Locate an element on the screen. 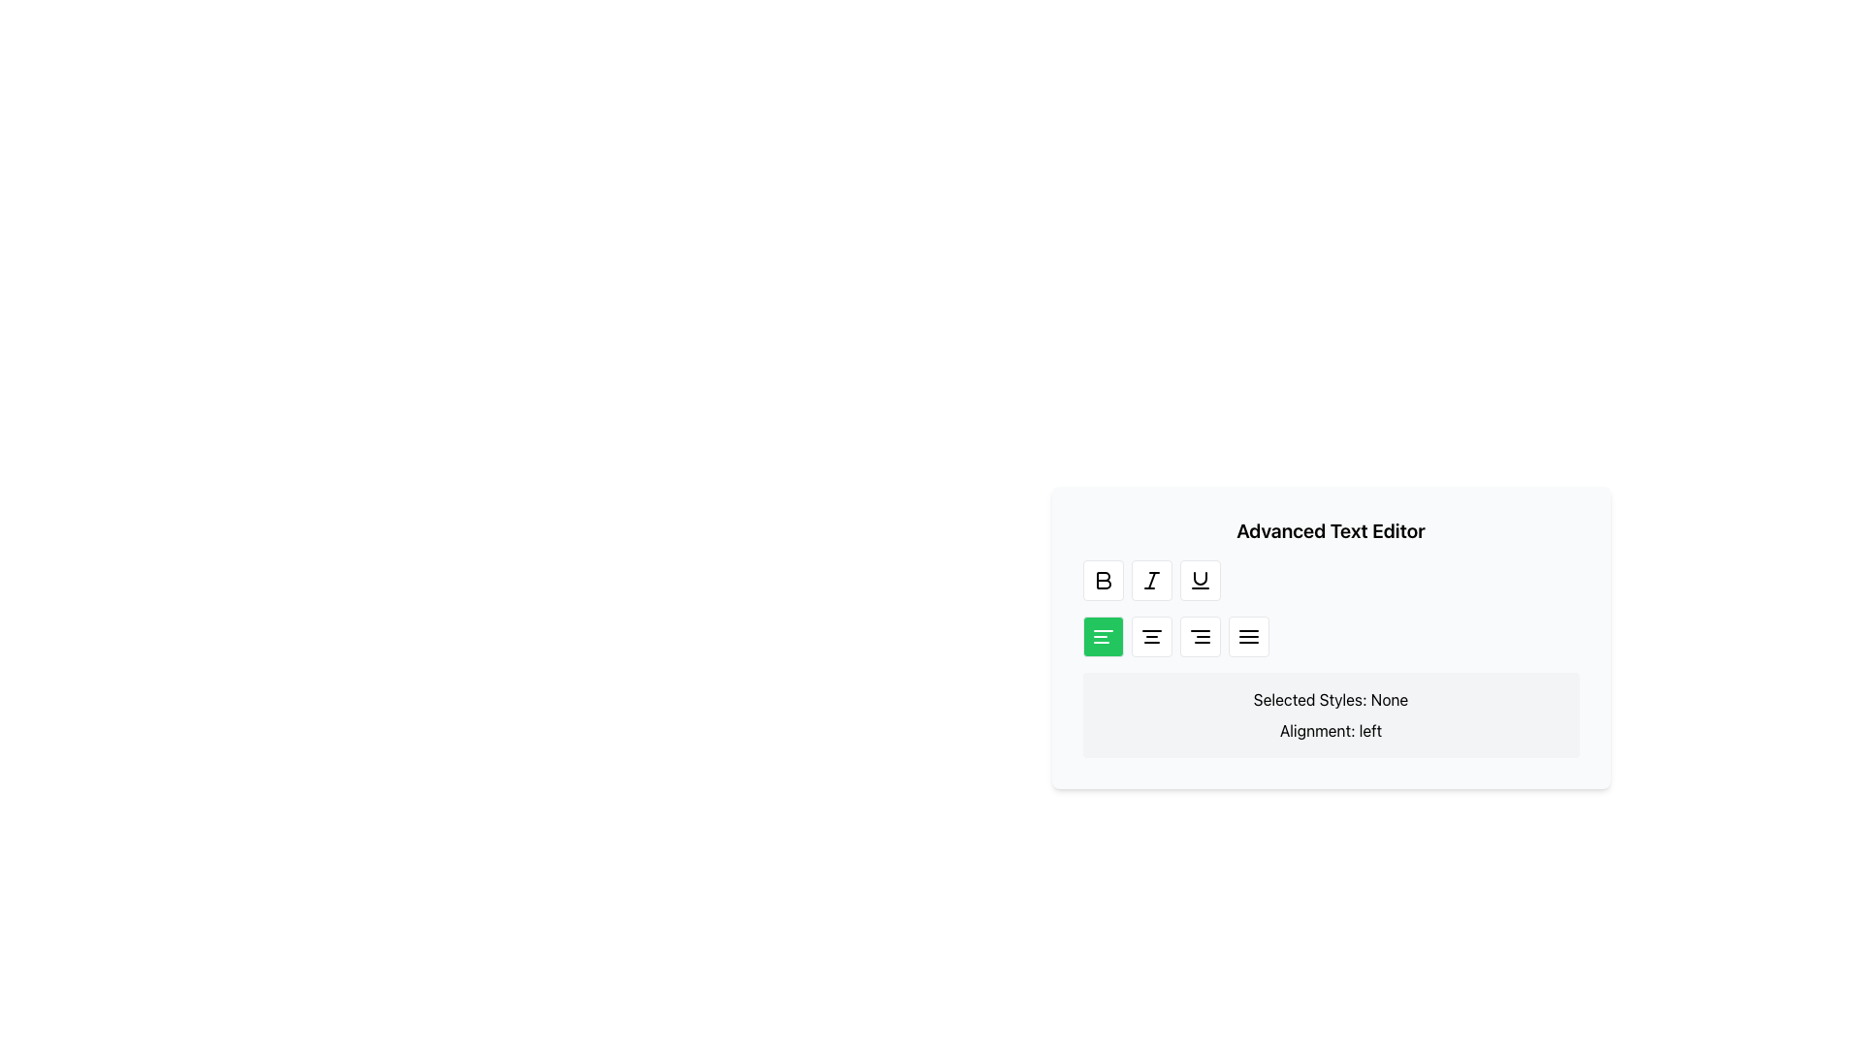 The image size is (1862, 1047). the underline toggle button in the advanced text editor interface is located at coordinates (1199, 579).